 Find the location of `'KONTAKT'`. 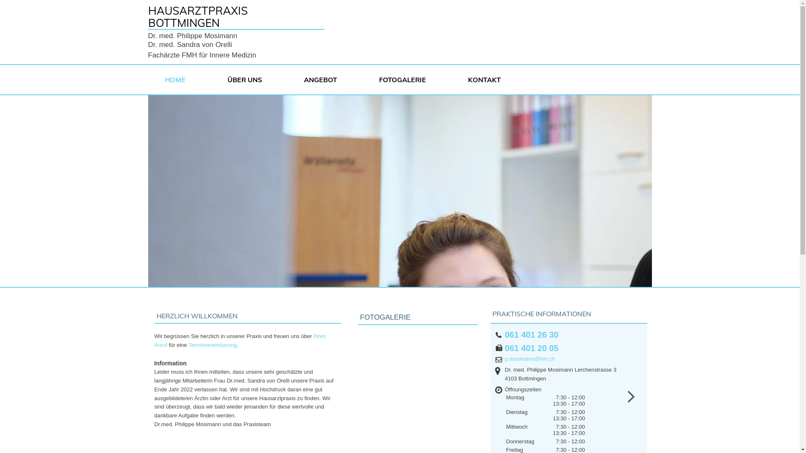

'KONTAKT' is located at coordinates (488, 79).